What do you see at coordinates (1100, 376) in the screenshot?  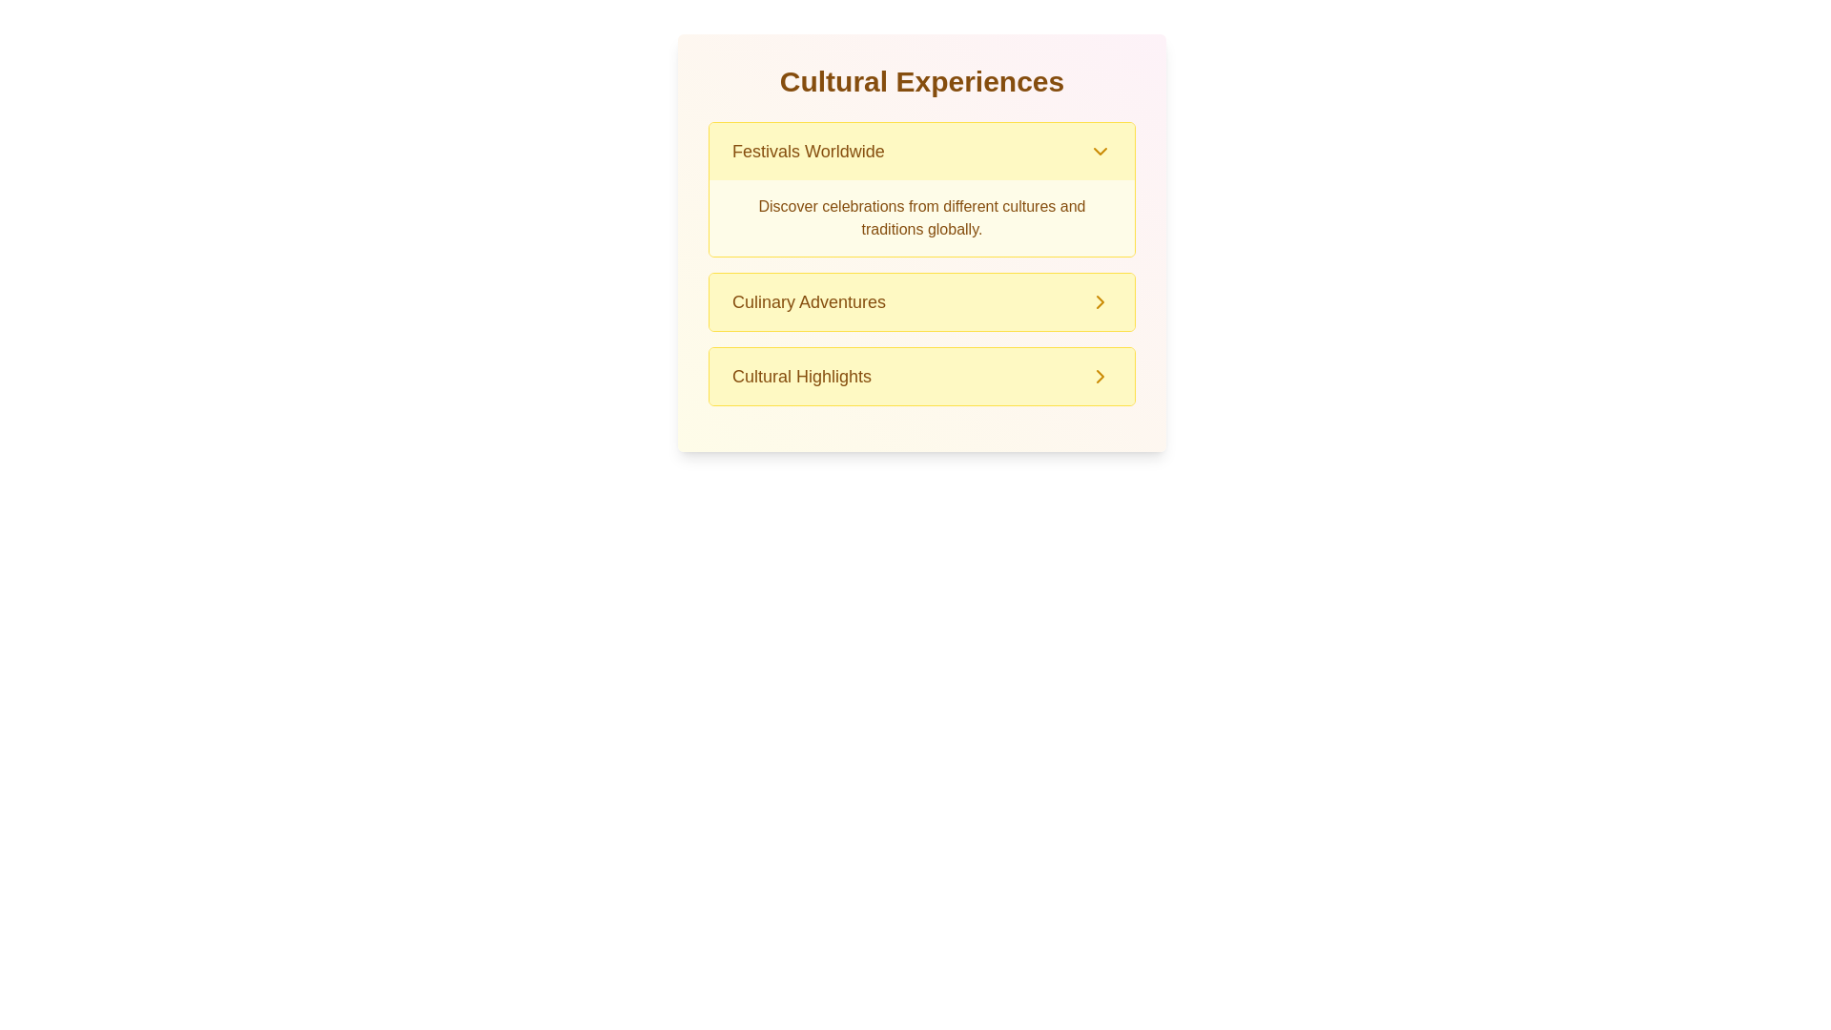 I see `the right-pointing chevron icon styled with yellow color, located to the far right of the 'Cultural Highlights' label in the bottom section of the 'Cultural Experiences' card` at bounding box center [1100, 376].